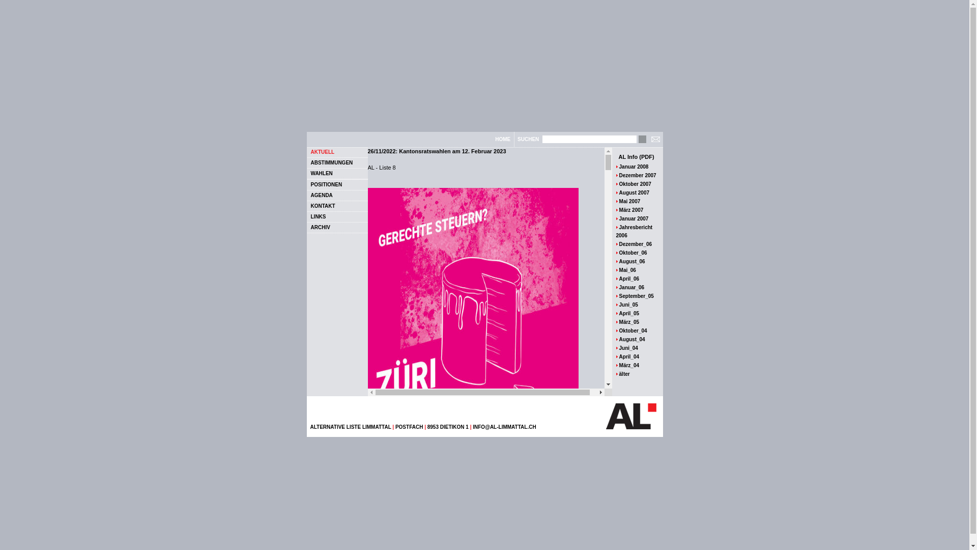 The width and height of the screenshot is (977, 550). Describe the element at coordinates (631, 287) in the screenshot. I see `'Januar_06'` at that location.